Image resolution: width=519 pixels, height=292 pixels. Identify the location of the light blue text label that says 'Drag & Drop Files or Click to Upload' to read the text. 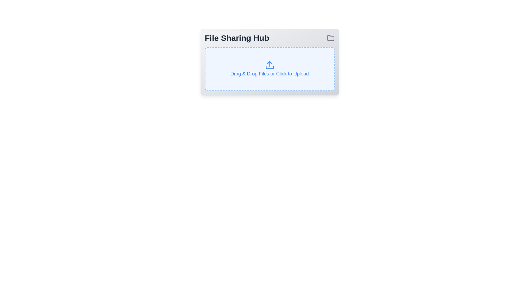
(270, 74).